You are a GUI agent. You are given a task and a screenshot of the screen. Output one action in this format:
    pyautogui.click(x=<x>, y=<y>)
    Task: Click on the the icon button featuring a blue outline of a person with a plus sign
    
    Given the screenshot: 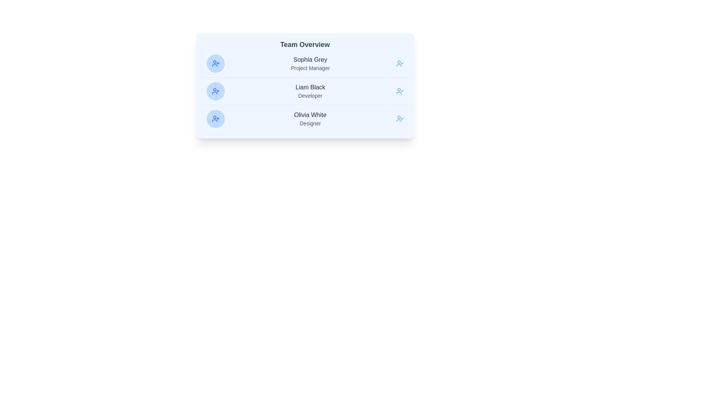 What is the action you would take?
    pyautogui.click(x=215, y=91)
    